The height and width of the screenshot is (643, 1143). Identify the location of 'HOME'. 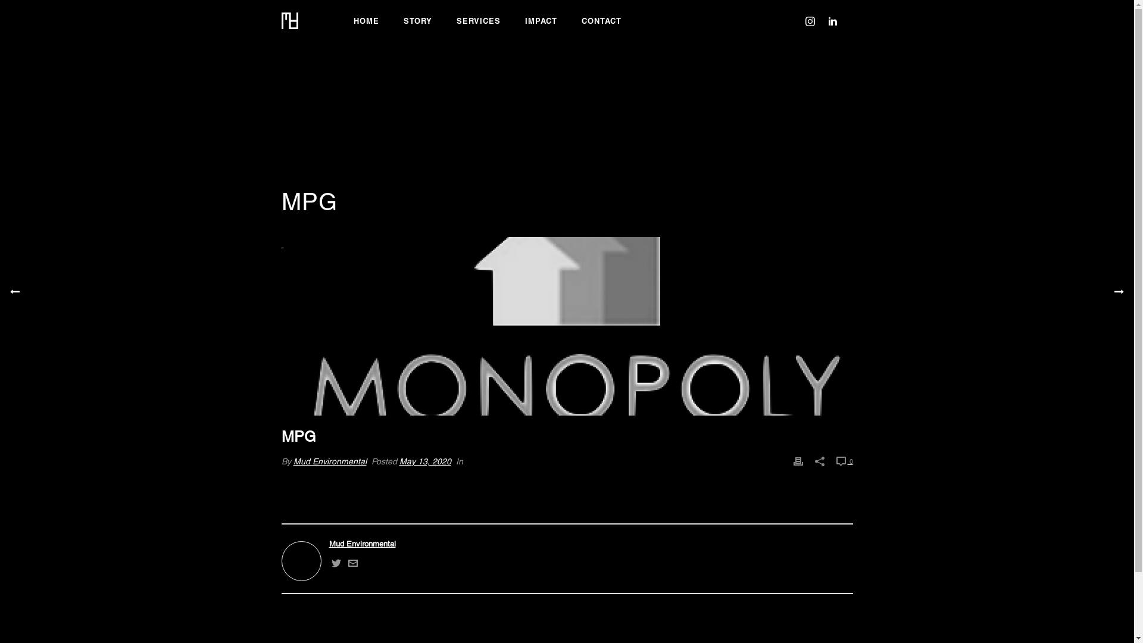
(366, 20).